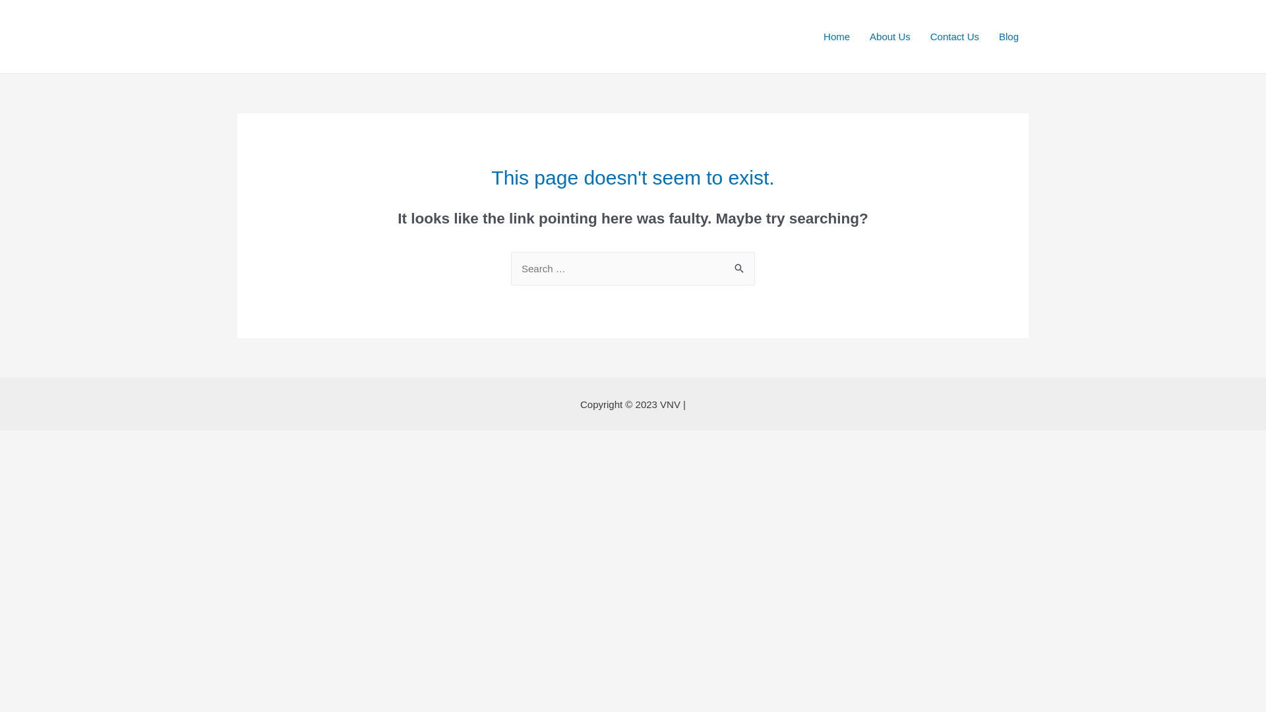  What do you see at coordinates (812, 35) in the screenshot?
I see `'Home'` at bounding box center [812, 35].